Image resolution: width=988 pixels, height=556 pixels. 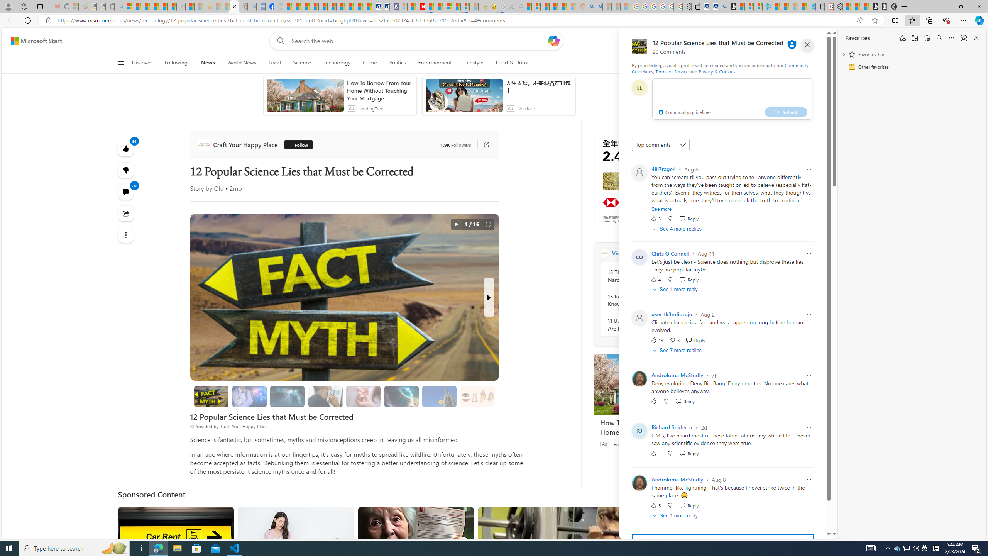 I want to click on 'Shaving and Hair Growth', so click(x=325, y=396).